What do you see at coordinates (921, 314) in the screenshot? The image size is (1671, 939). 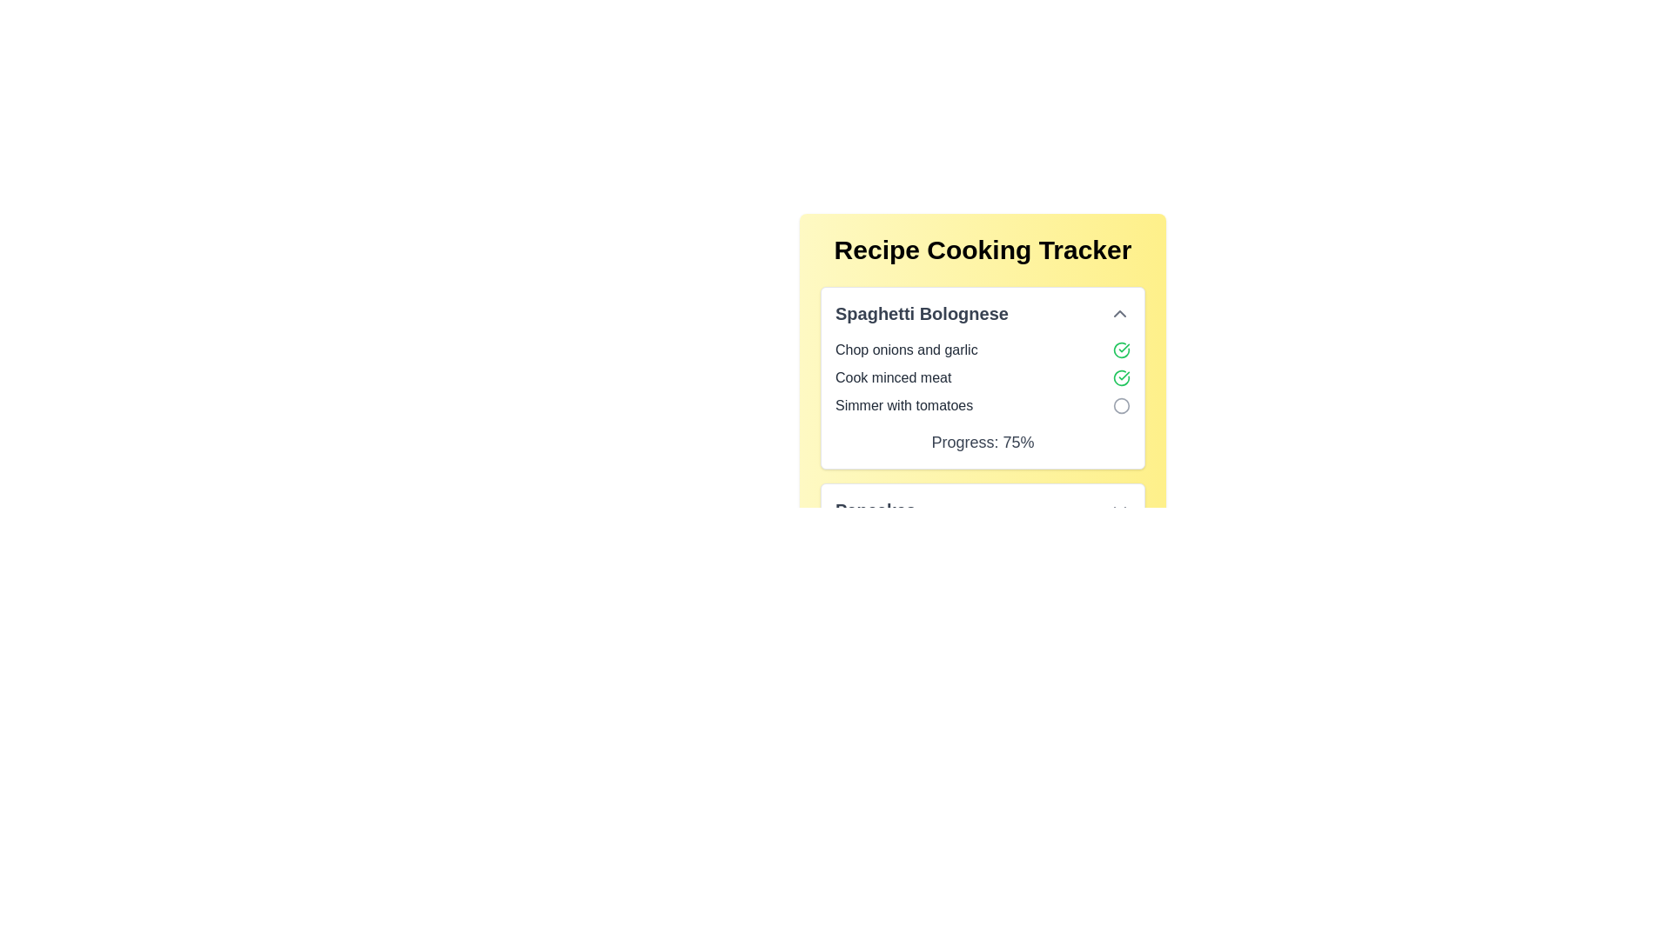 I see `the 'Spaghetti Bolognese' text label, which is styled in bold and dark gray, indicating it is the main title within the 'Recipe Cooking Tracker' card interface` at bounding box center [921, 314].